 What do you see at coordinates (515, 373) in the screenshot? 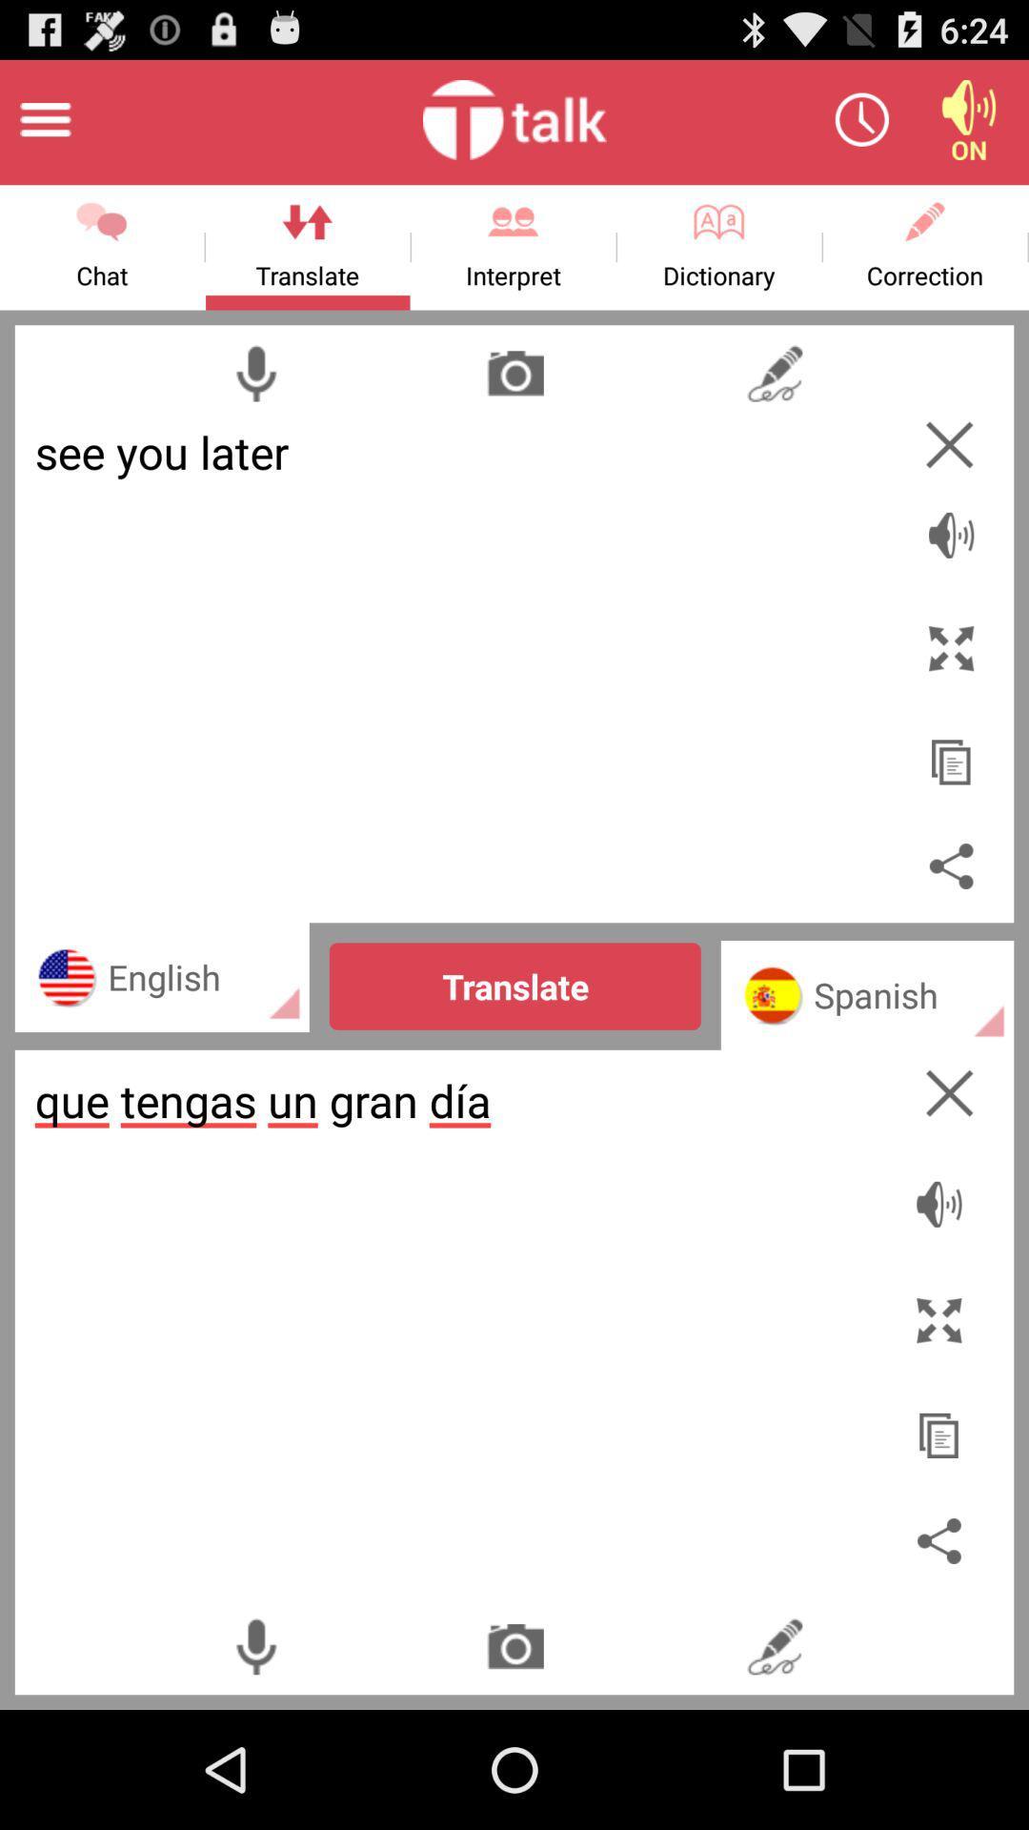
I see `translate from photo` at bounding box center [515, 373].